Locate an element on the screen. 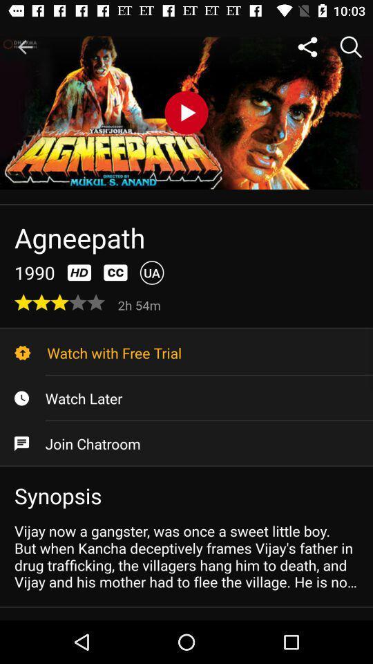  the join chatroom item is located at coordinates (186, 443).